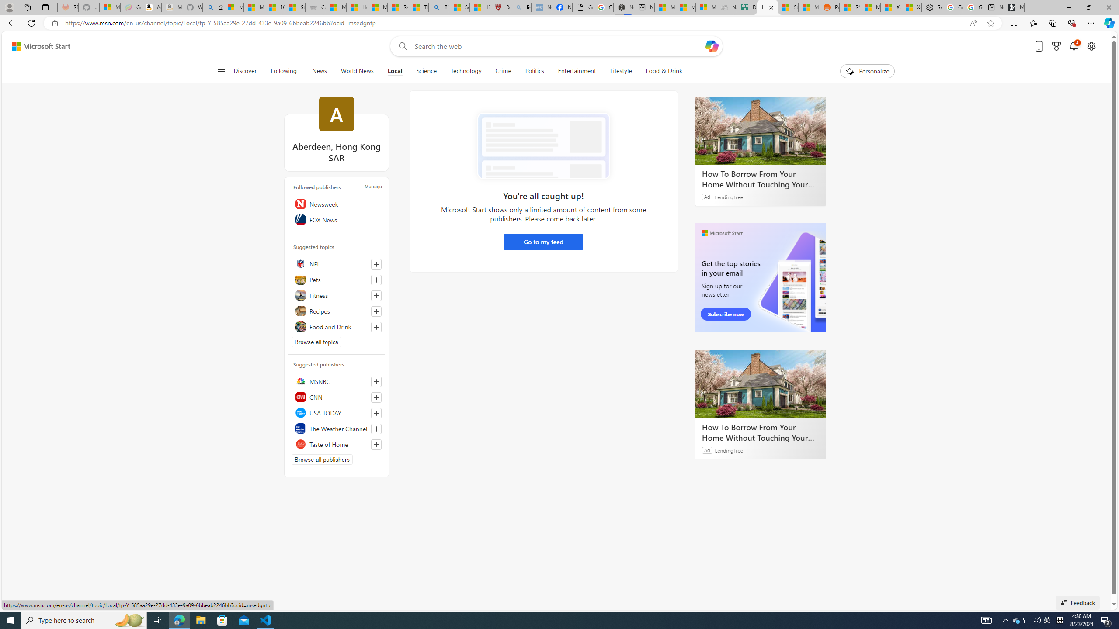  What do you see at coordinates (337, 311) in the screenshot?
I see `'Recipes'` at bounding box center [337, 311].